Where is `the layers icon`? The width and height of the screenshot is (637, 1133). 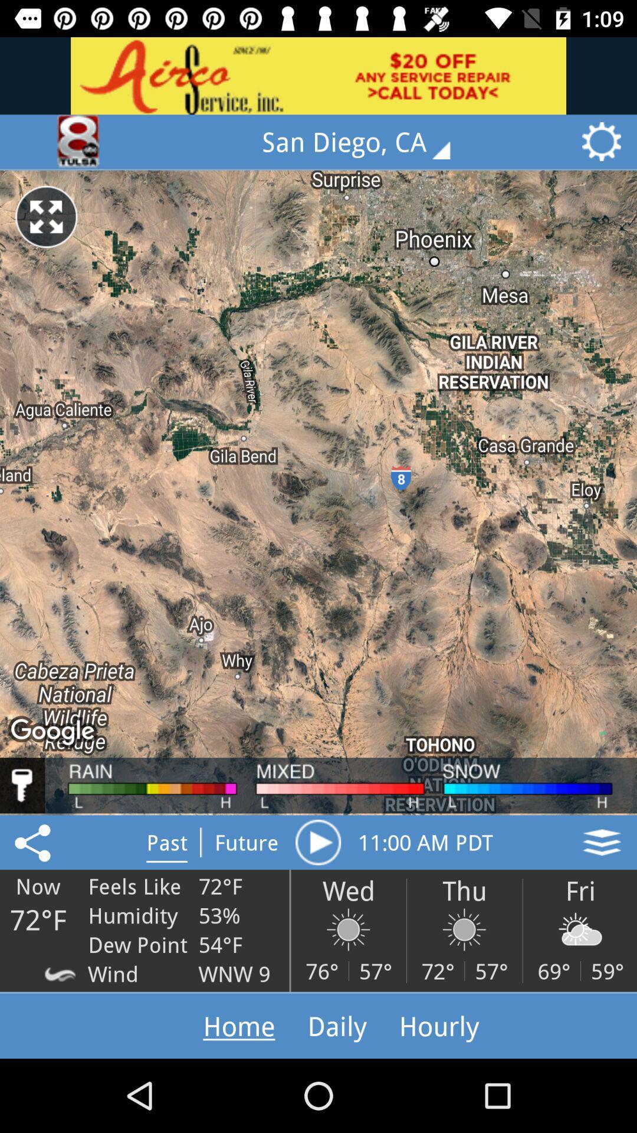
the layers icon is located at coordinates (602, 841).